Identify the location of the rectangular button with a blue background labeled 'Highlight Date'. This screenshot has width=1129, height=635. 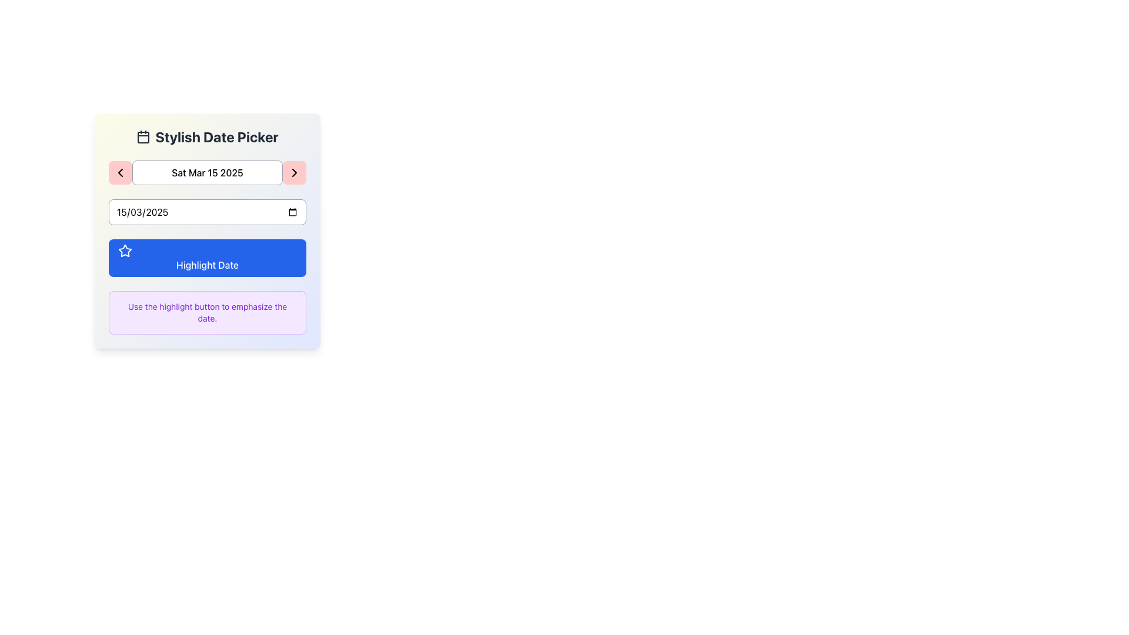
(208, 258).